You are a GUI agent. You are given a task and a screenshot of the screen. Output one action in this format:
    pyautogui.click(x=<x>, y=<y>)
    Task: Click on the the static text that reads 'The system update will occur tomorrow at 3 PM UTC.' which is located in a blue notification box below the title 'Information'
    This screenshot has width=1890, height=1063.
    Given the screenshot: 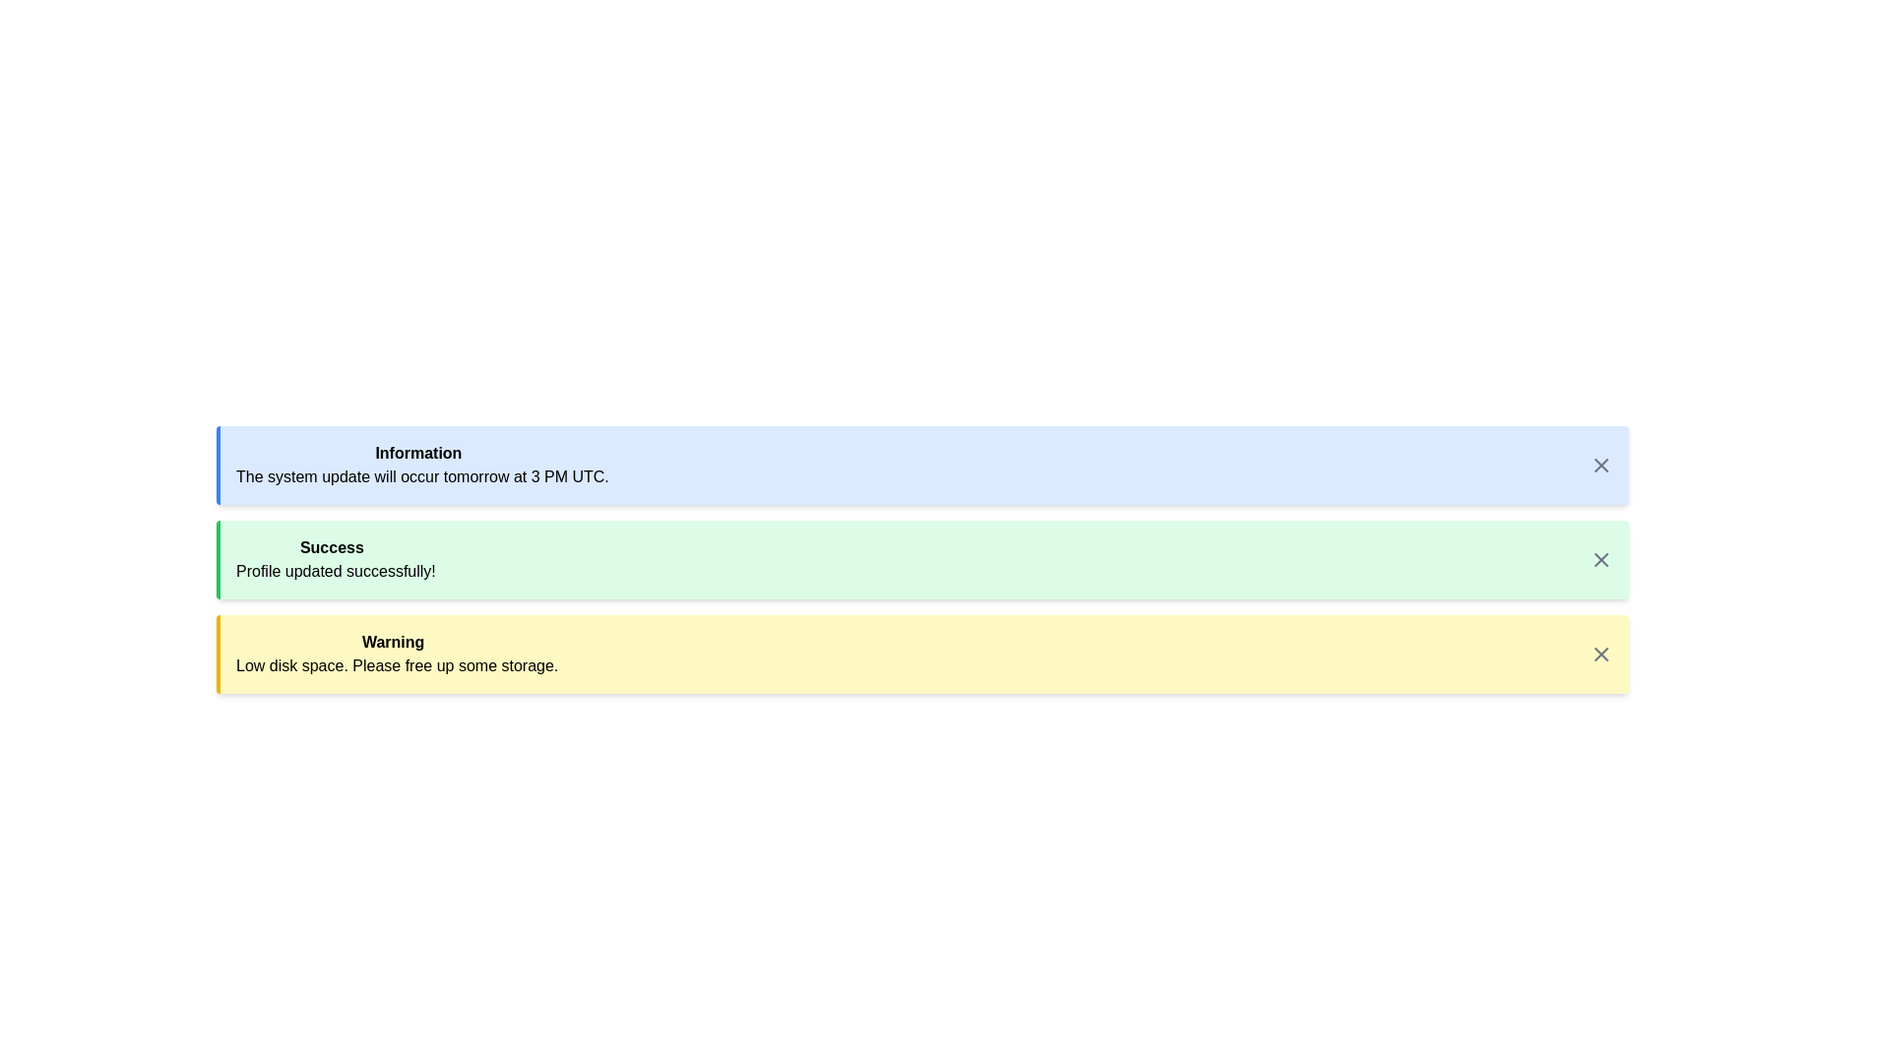 What is the action you would take?
    pyautogui.click(x=421, y=477)
    